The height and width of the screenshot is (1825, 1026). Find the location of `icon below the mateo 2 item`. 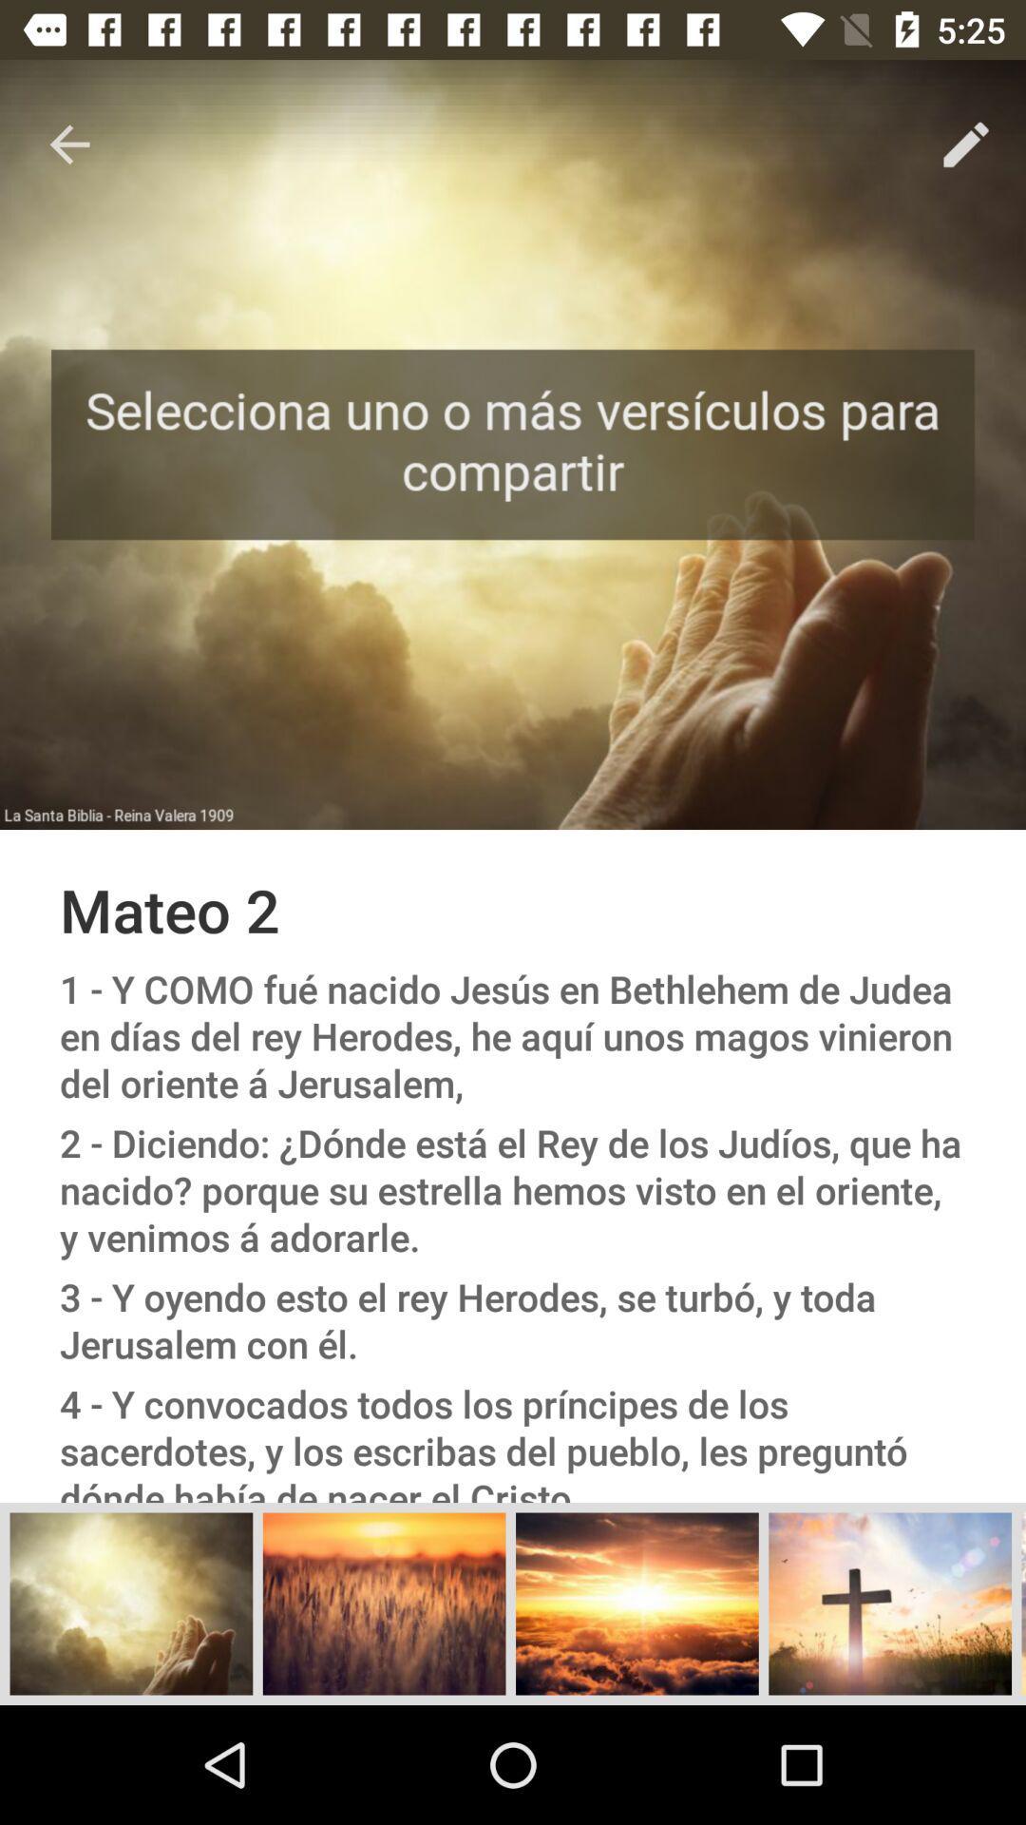

icon below the mateo 2 item is located at coordinates (513, 1035).